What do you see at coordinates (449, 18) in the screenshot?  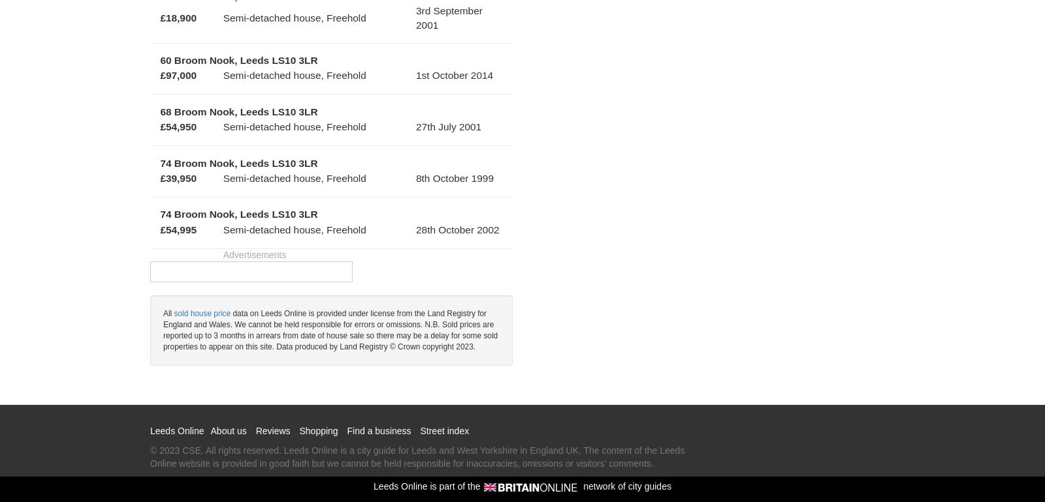 I see `'3rd September 2001'` at bounding box center [449, 18].